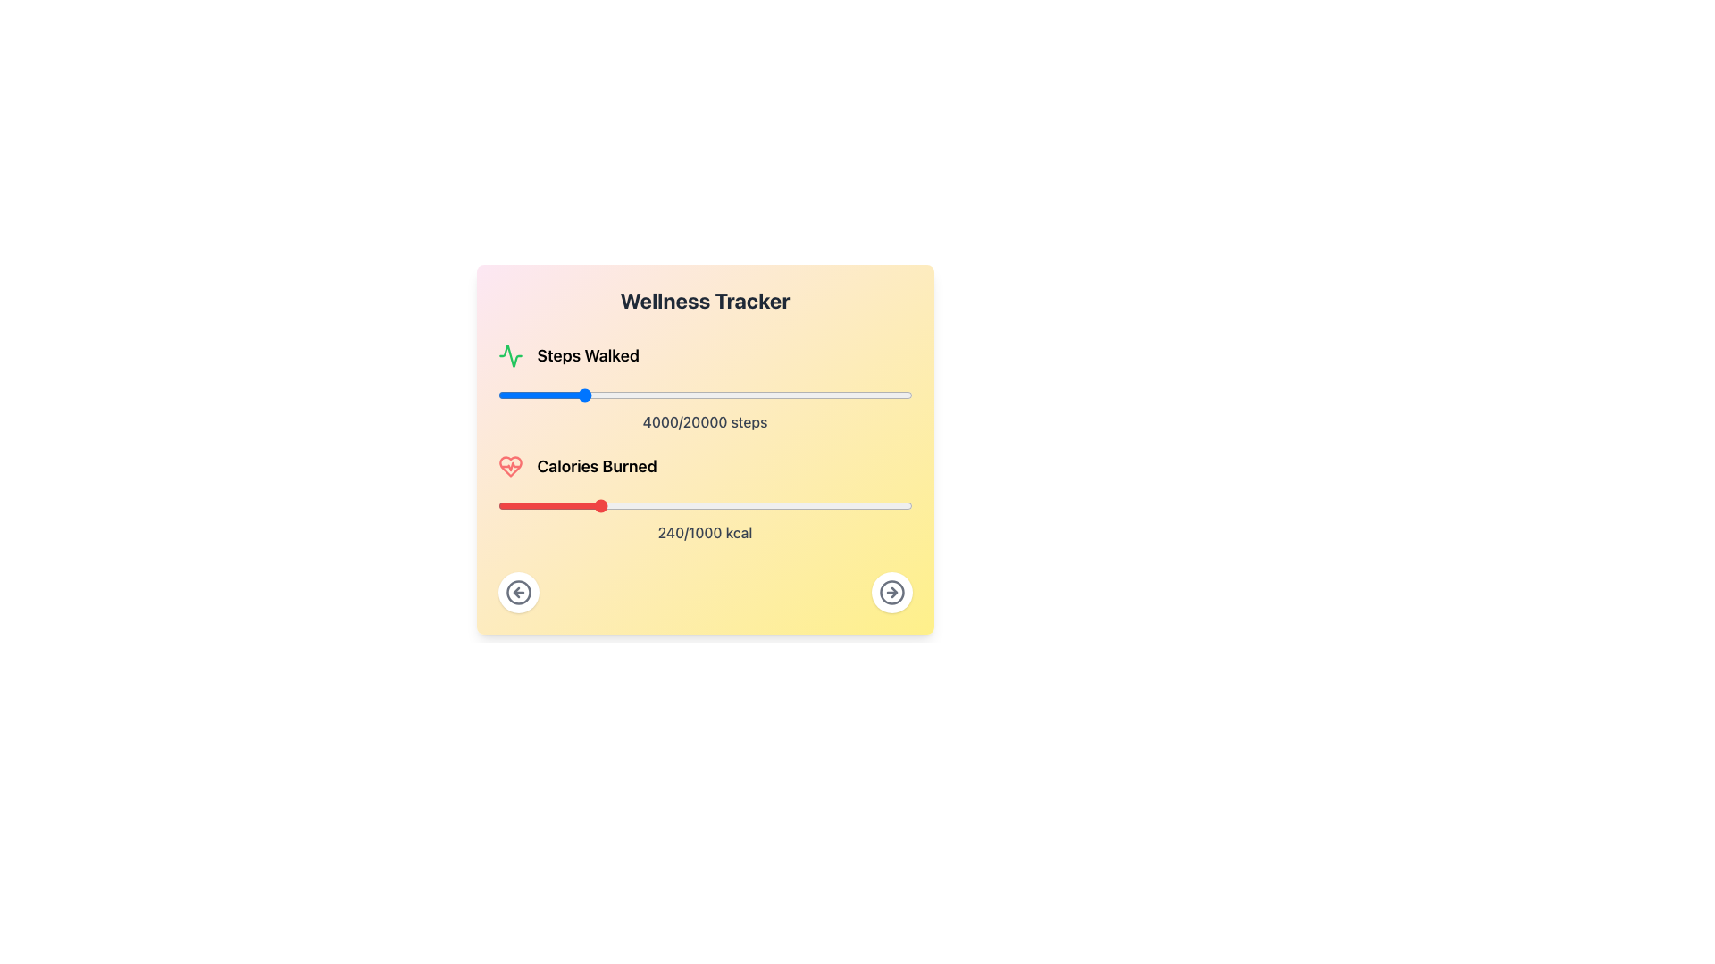 The width and height of the screenshot is (1715, 964). What do you see at coordinates (696, 506) in the screenshot?
I see `the calories burned slider` at bounding box center [696, 506].